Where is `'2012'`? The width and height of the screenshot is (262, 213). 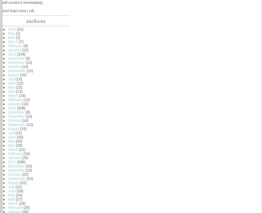
'2012' is located at coordinates (12, 108).